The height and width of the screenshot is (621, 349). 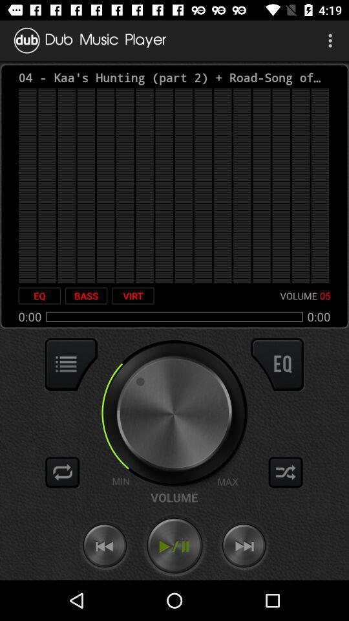 I want to click on the item next to  bass, so click(x=39, y=296).